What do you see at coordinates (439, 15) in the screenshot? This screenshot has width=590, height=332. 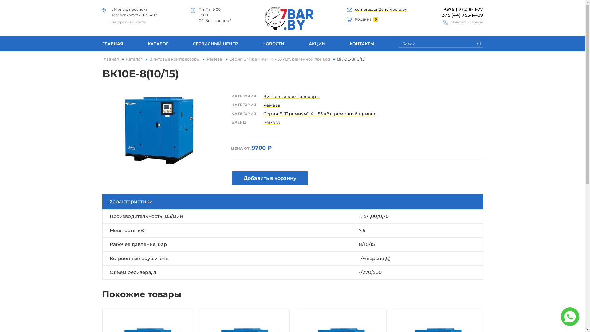 I see `'+375 (44) 755-14-09'` at bounding box center [439, 15].